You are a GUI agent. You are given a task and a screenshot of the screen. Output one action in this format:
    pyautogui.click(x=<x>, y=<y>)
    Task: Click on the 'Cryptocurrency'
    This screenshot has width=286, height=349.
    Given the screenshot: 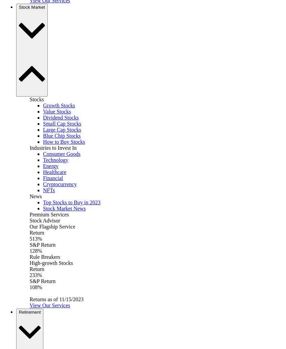 What is the action you would take?
    pyautogui.click(x=59, y=184)
    